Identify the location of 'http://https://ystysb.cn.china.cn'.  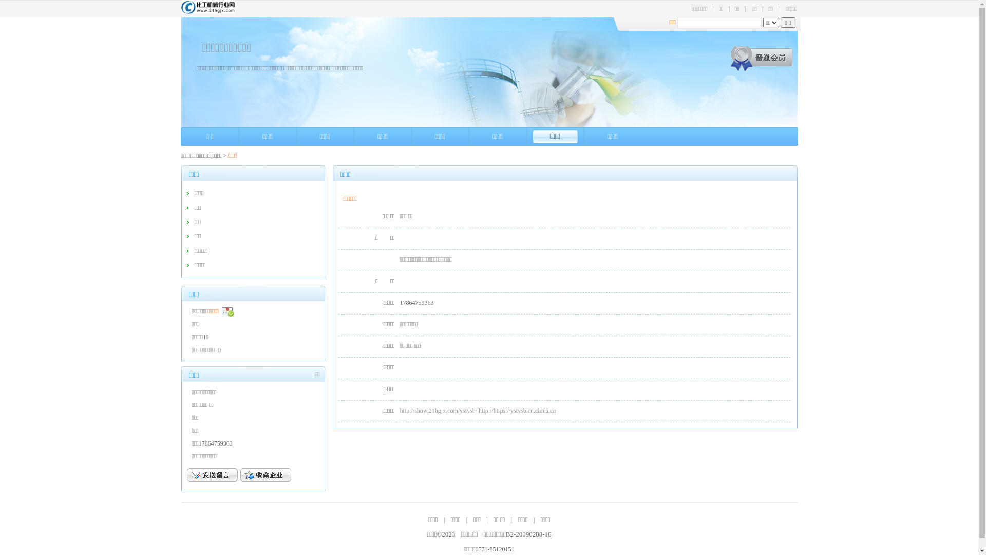
(517, 410).